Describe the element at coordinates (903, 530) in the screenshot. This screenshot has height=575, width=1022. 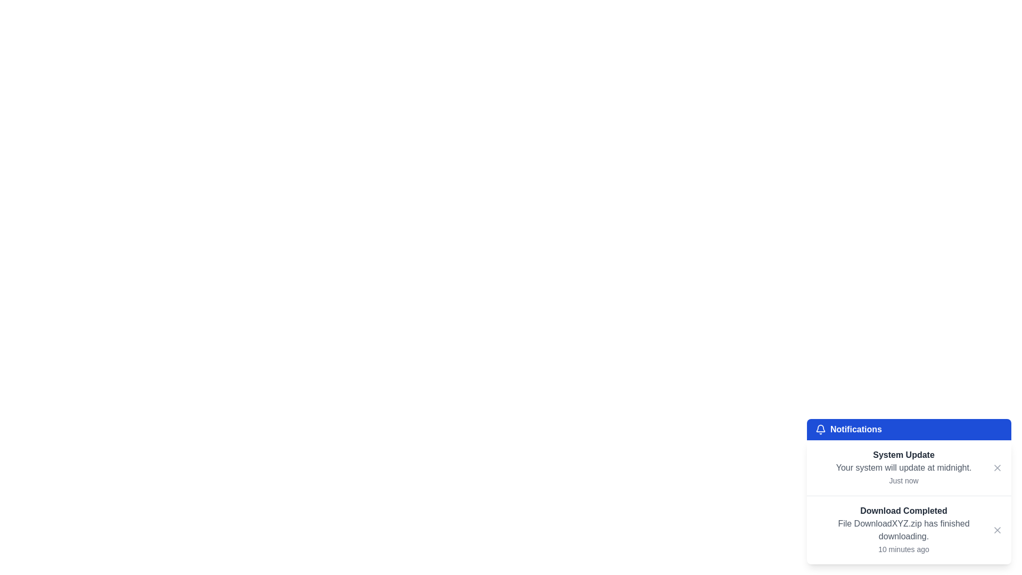
I see `the text that informs the user about the successful download of 'DownloadXYZ.zip', which is the second content line in the 'Download Completed' notification` at that location.